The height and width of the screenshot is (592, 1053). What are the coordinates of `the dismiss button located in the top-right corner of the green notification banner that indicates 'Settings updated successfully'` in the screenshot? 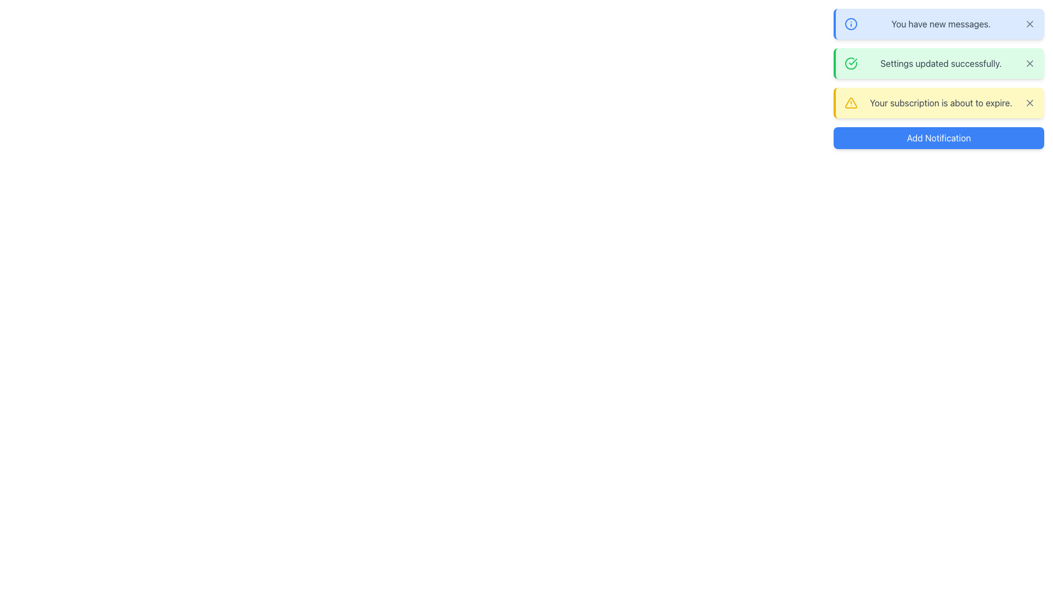 It's located at (1029, 63).